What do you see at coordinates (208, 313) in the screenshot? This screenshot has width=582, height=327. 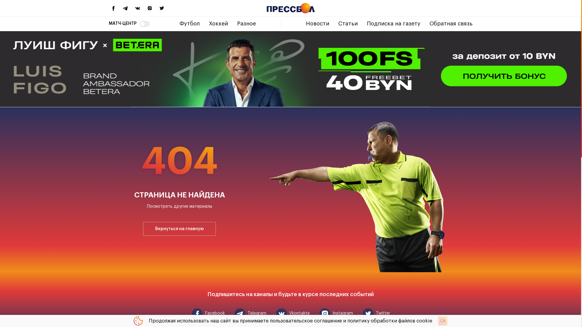 I see `'Facebook'` at bounding box center [208, 313].